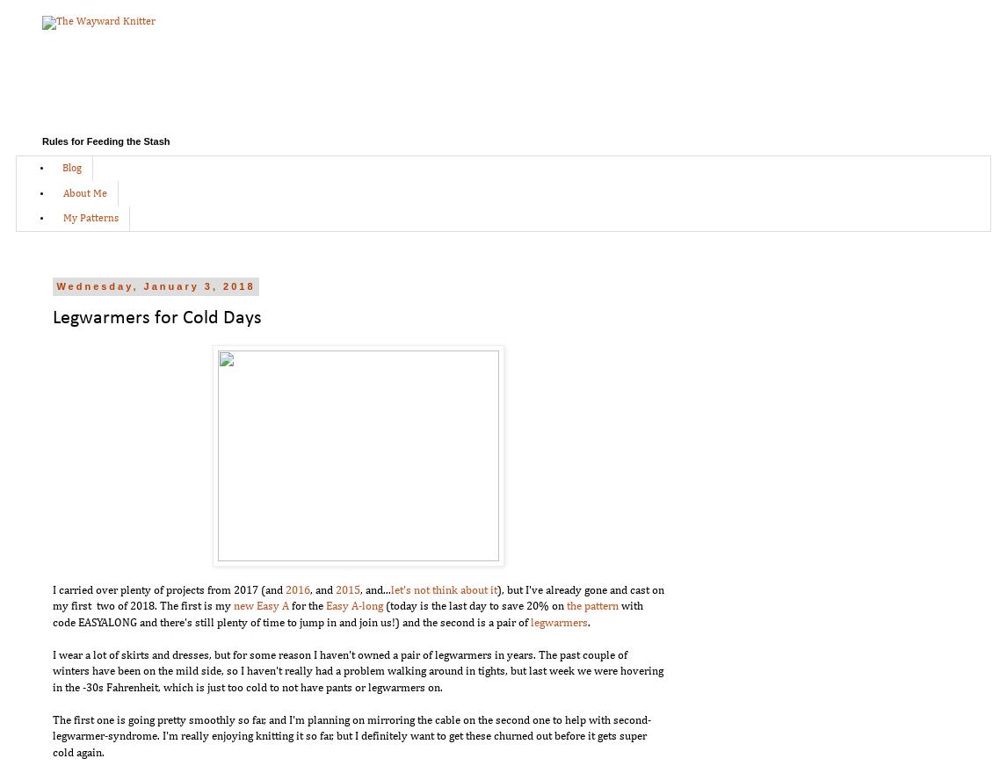 Image resolution: width=1000 pixels, height=773 pixels. I want to click on 'new Easy A', so click(233, 605).